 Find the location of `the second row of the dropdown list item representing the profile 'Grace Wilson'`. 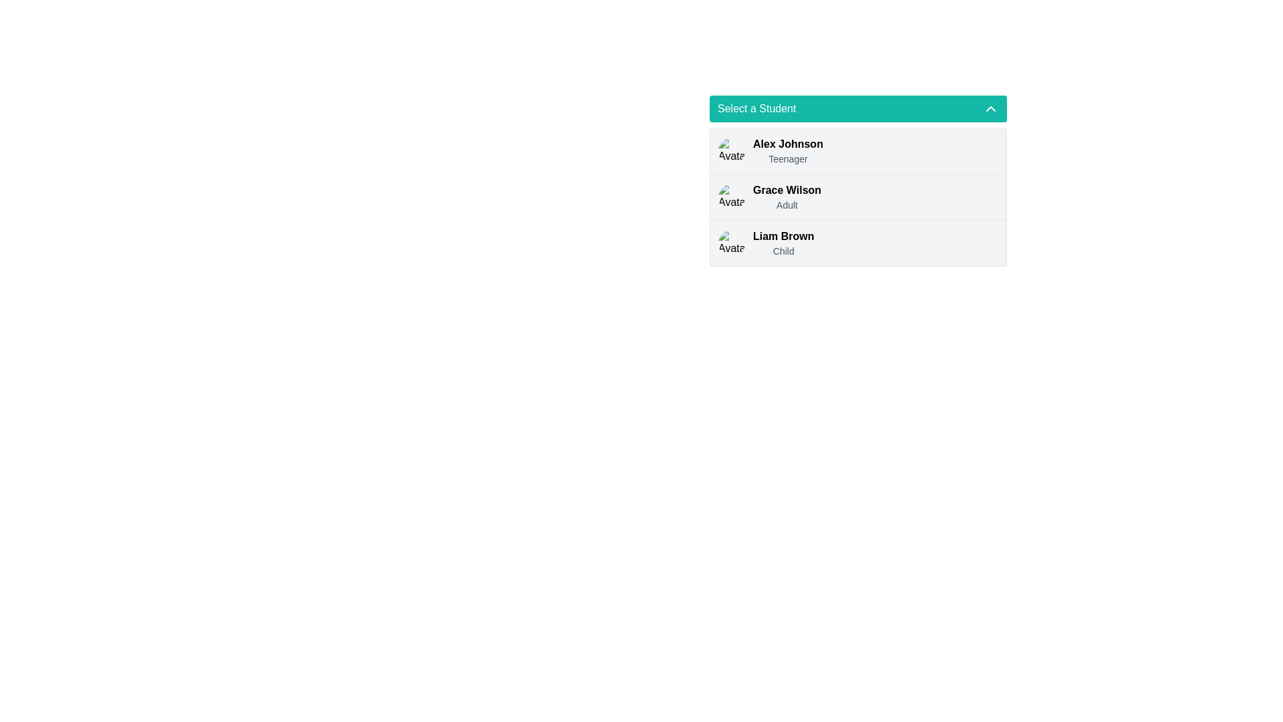

the second row of the dropdown list item representing the profile 'Grace Wilson' is located at coordinates (858, 197).